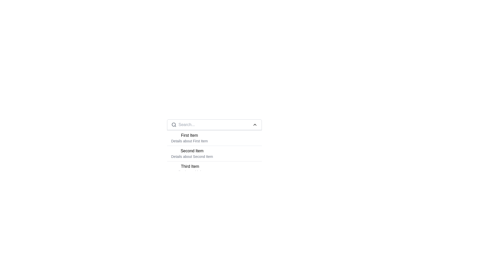 Image resolution: width=489 pixels, height=275 pixels. Describe the element at coordinates (192, 156) in the screenshot. I see `text label that displays 'Details about Second Item', which is located beneath the bold header 'Second Item'` at that location.